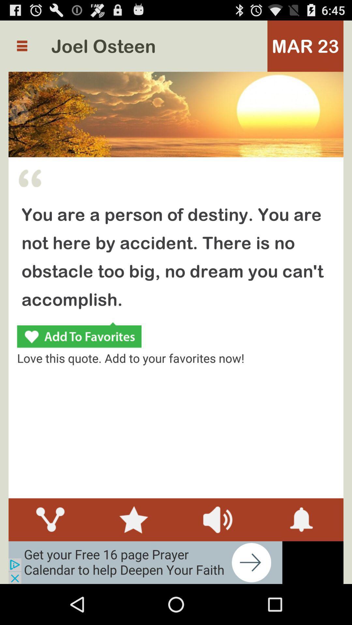  What do you see at coordinates (145, 562) in the screenshot?
I see `open advertisement` at bounding box center [145, 562].